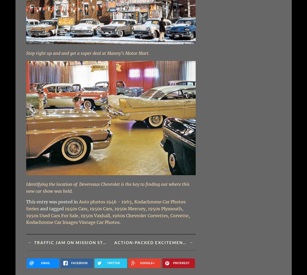  What do you see at coordinates (87, 53) in the screenshot?
I see `'Step right up and and get a super deal at Manny’s Motor Mart.'` at bounding box center [87, 53].